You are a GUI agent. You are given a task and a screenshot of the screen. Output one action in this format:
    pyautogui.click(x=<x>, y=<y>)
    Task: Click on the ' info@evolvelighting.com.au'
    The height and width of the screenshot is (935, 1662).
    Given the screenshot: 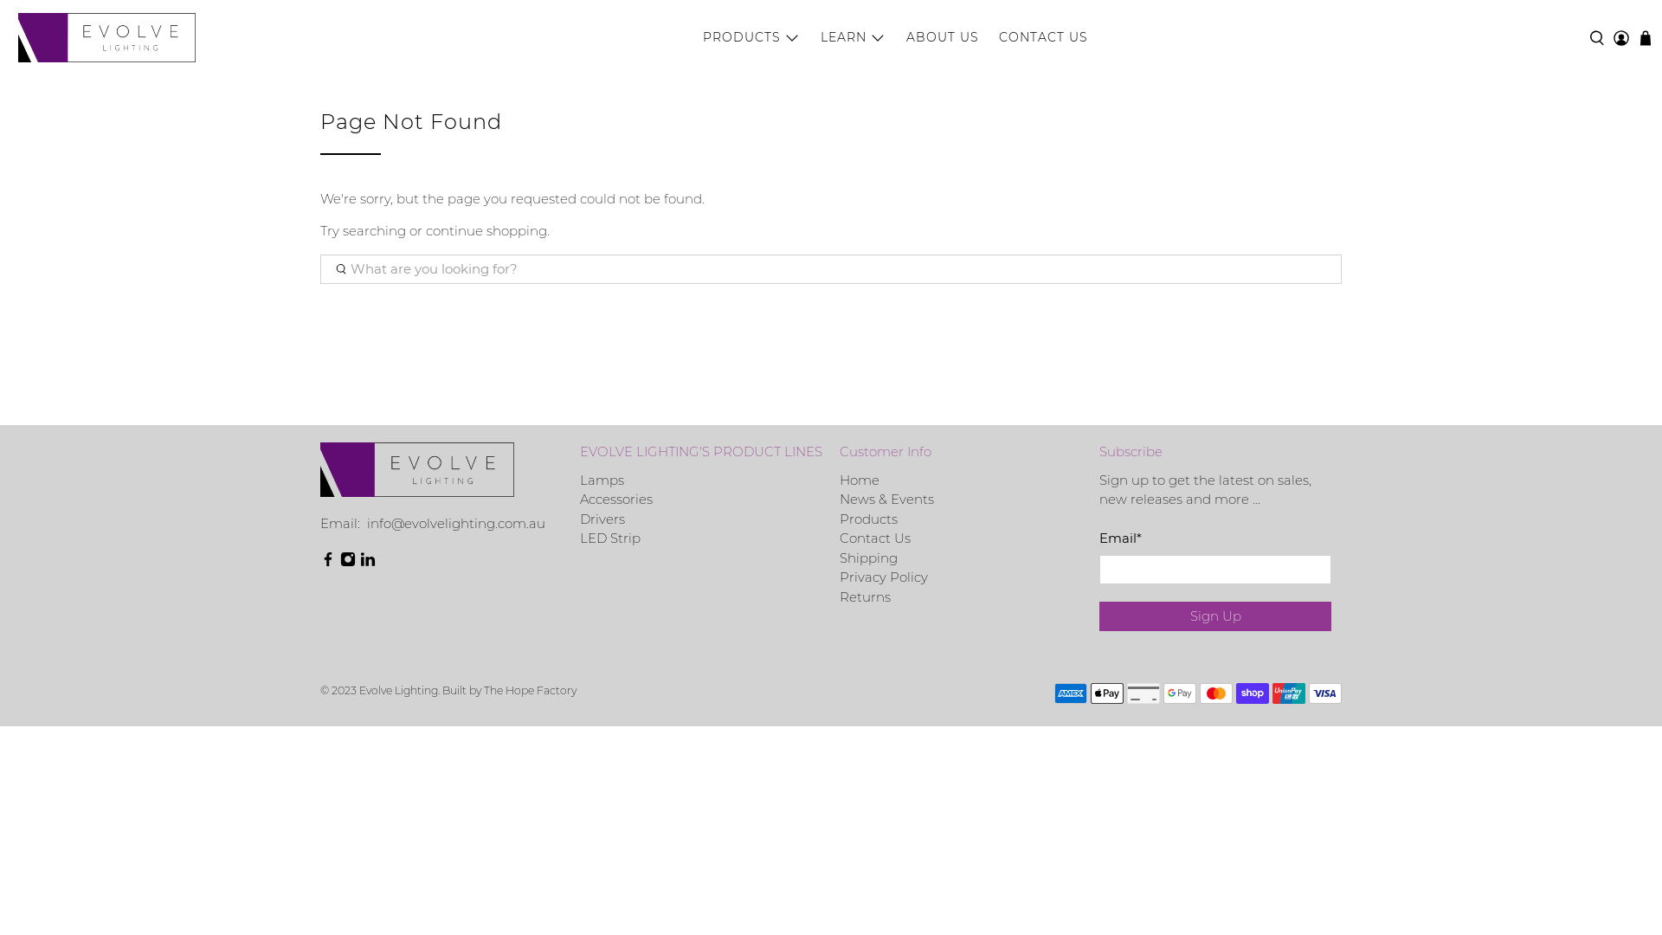 What is the action you would take?
    pyautogui.click(x=454, y=522)
    